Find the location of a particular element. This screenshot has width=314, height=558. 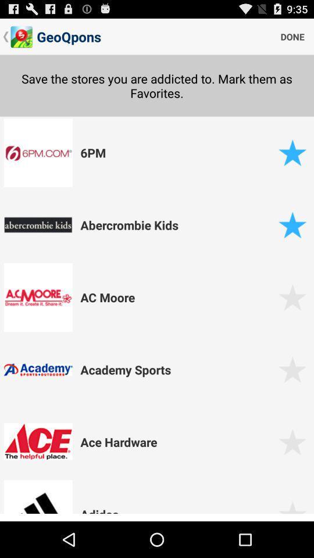

the app below the save the stores icon is located at coordinates (177, 152).